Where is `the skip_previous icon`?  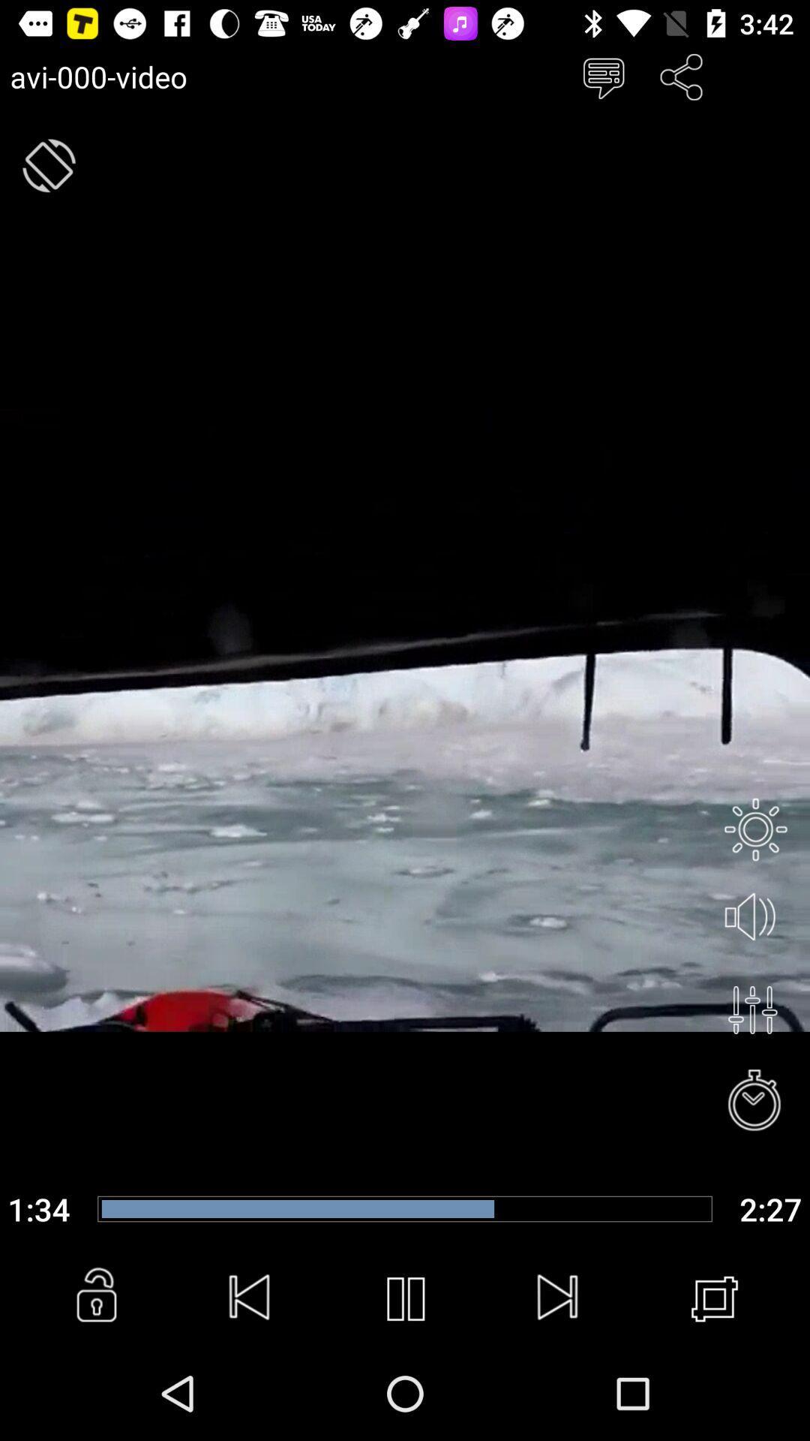
the skip_previous icon is located at coordinates (250, 1298).